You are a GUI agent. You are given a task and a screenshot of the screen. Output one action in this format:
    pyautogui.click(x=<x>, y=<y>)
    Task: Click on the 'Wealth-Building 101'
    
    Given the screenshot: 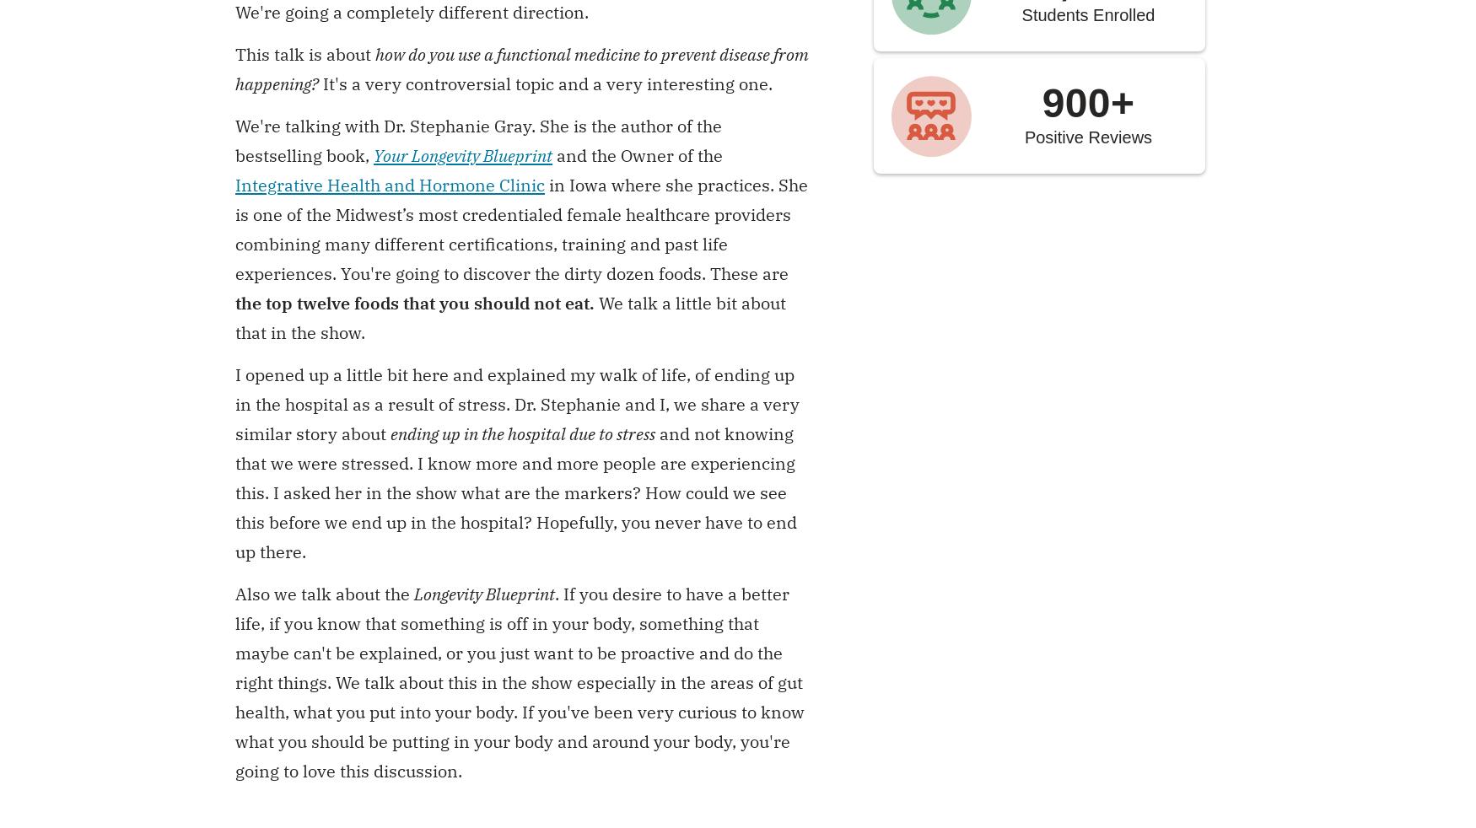 What is the action you would take?
    pyautogui.click(x=610, y=663)
    